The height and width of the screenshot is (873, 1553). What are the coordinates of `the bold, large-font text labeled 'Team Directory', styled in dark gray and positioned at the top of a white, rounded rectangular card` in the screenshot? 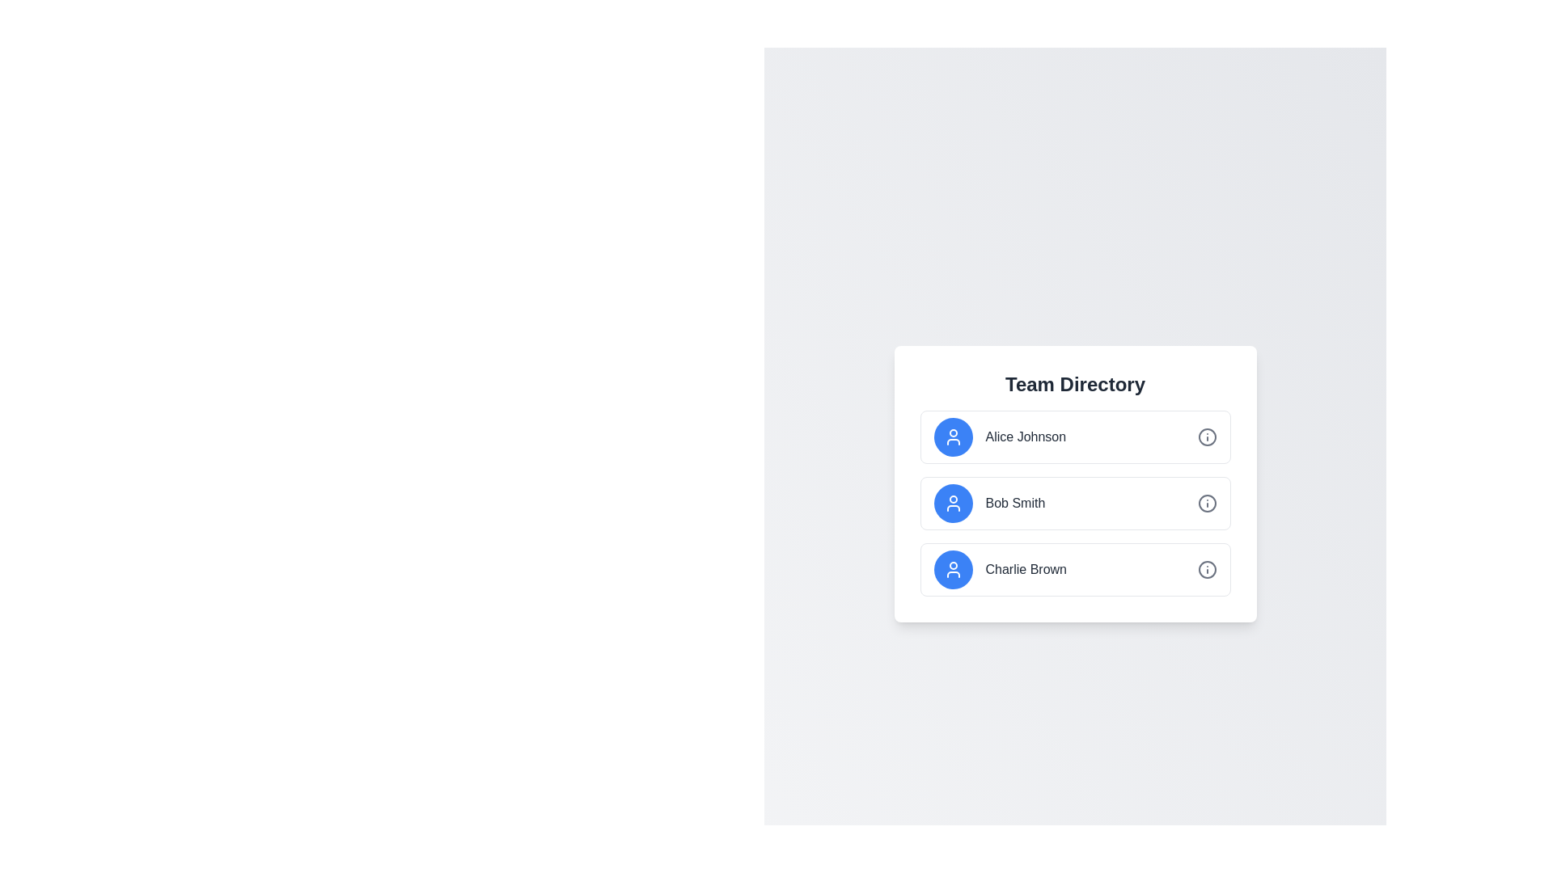 It's located at (1075, 384).